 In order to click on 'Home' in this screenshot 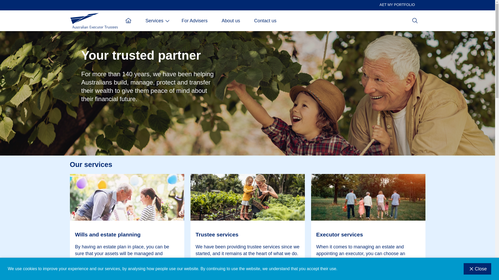, I will do `click(118, 20)`.